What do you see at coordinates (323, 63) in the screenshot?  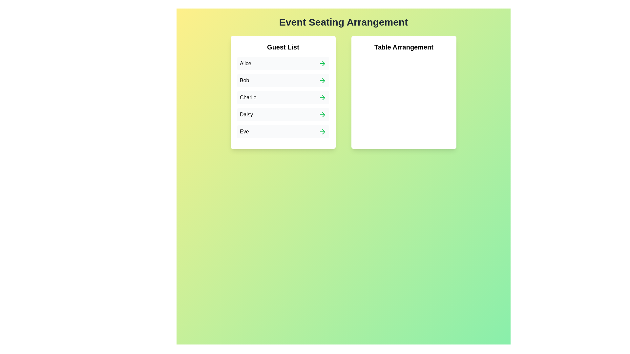 I see `the arrow next to Alice in the Guest List to add them to the Table Arrangement` at bounding box center [323, 63].